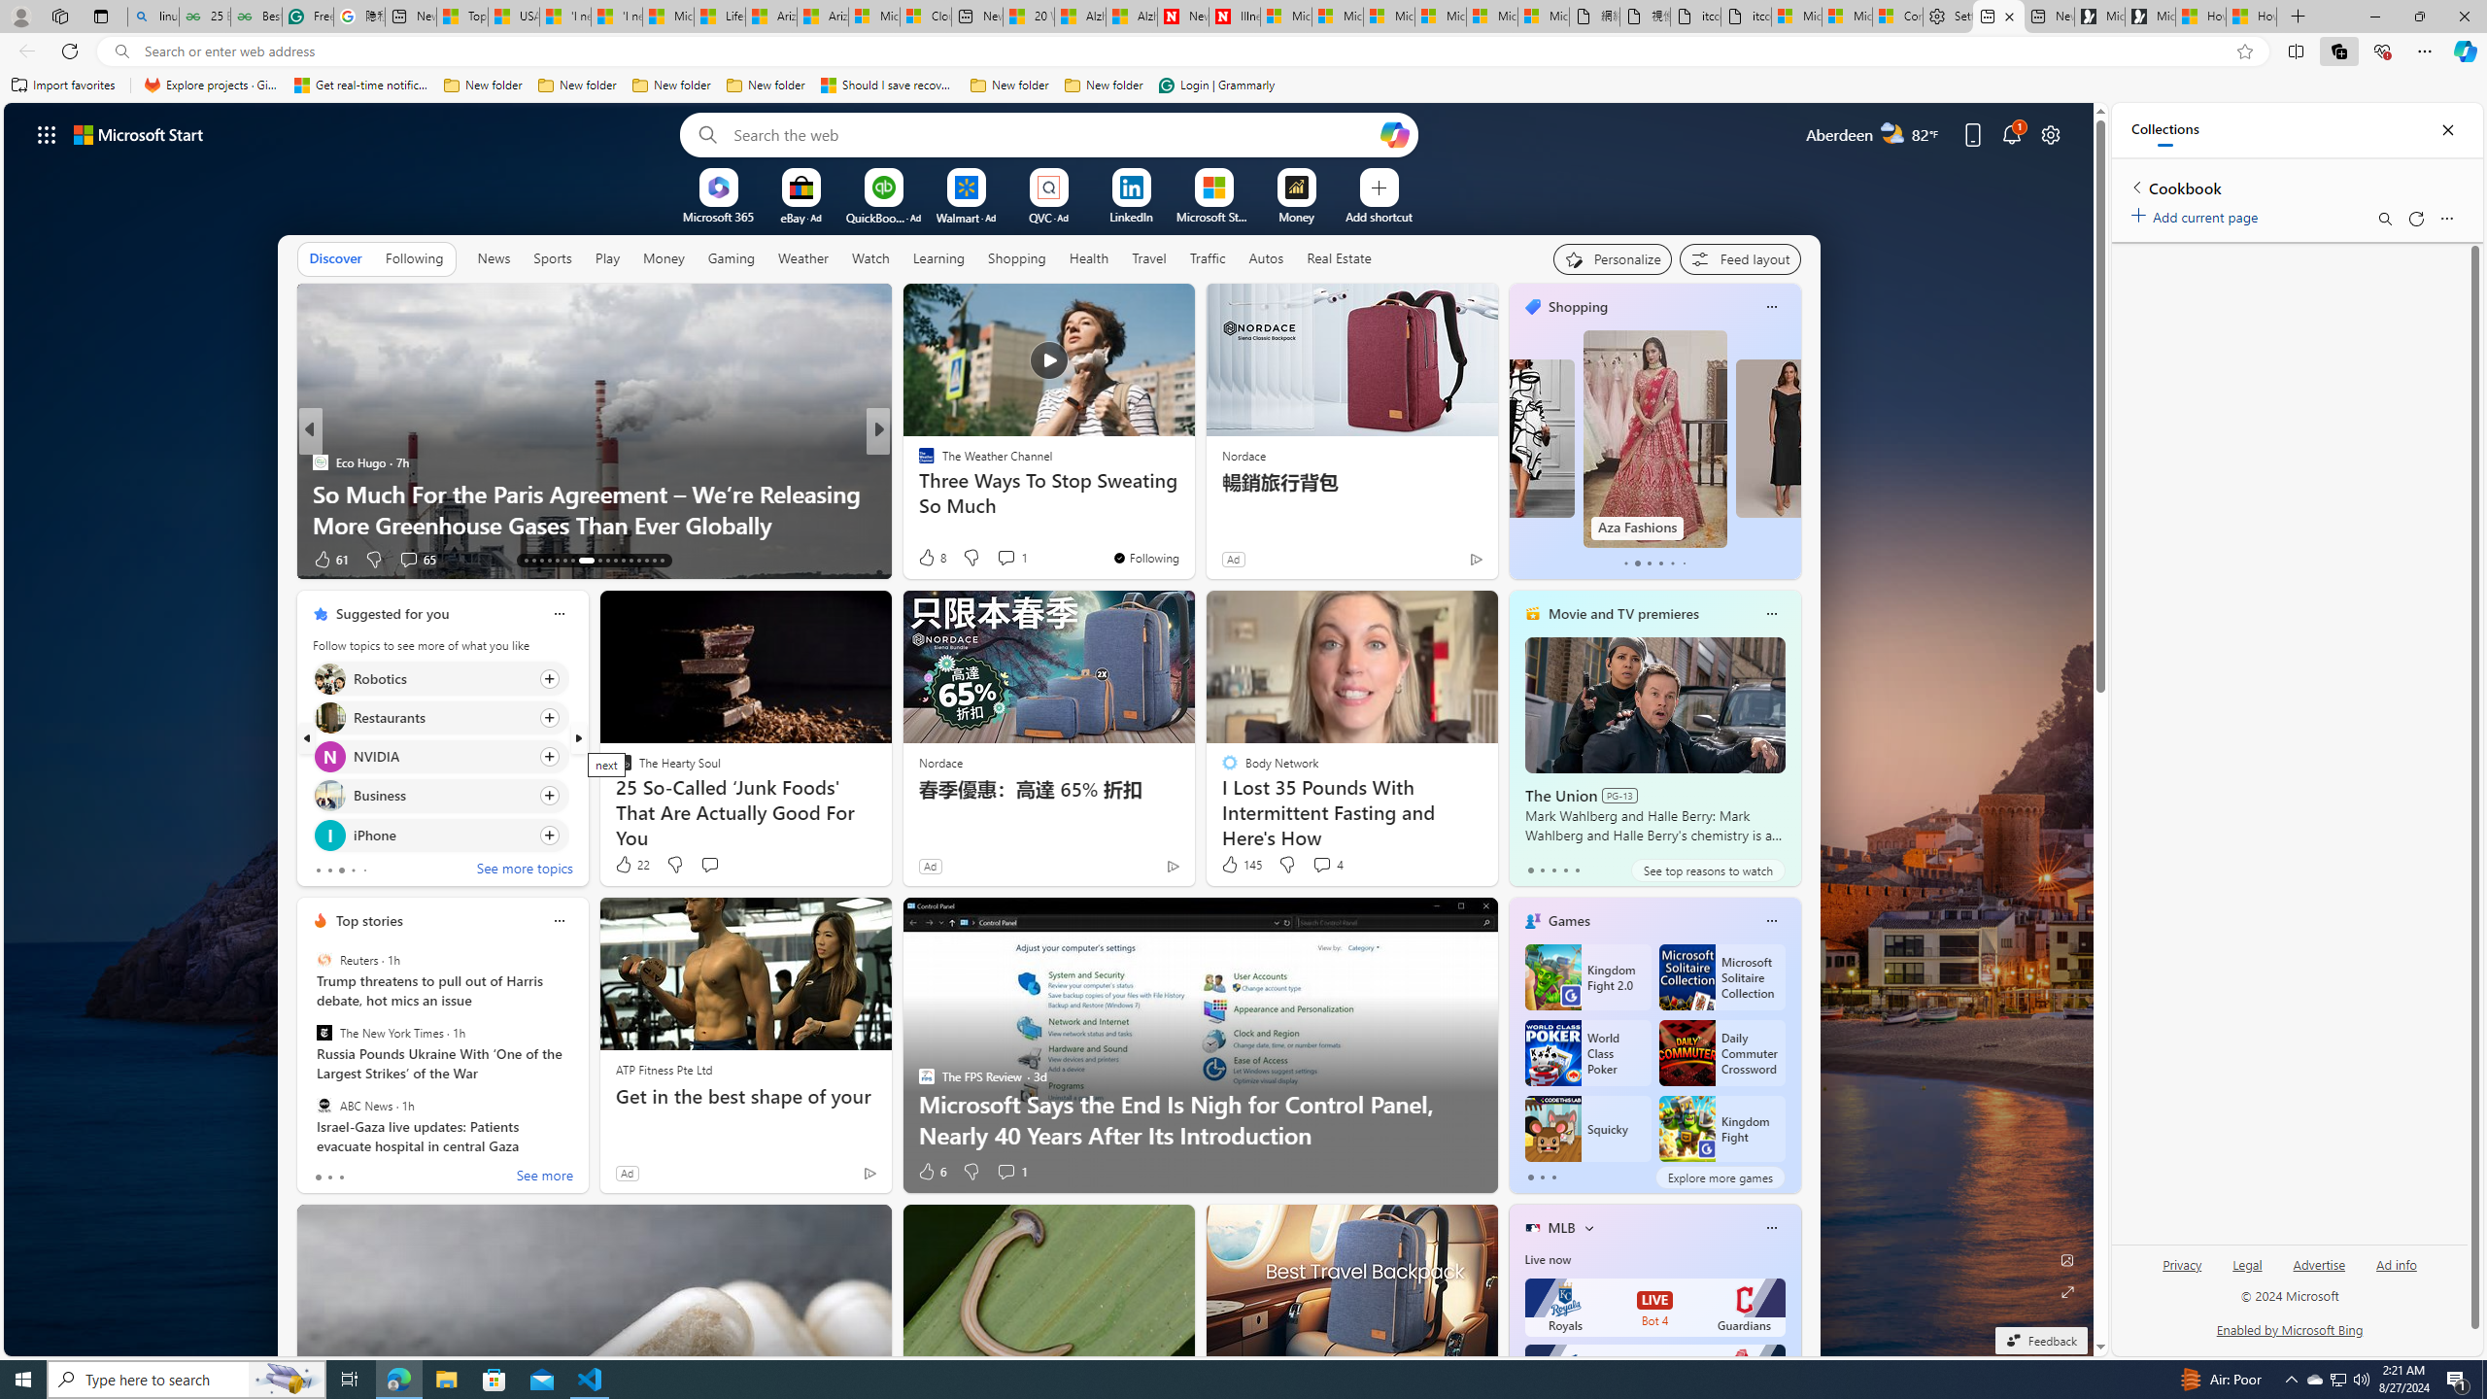 The width and height of the screenshot is (2487, 1399). I want to click on 'Page settings', so click(2049, 133).